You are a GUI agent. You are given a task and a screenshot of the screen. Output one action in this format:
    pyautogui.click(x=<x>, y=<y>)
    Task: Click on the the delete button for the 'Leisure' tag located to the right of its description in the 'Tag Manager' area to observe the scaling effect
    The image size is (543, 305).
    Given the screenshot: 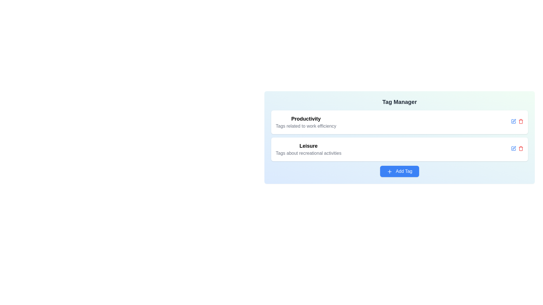 What is the action you would take?
    pyautogui.click(x=521, y=148)
    